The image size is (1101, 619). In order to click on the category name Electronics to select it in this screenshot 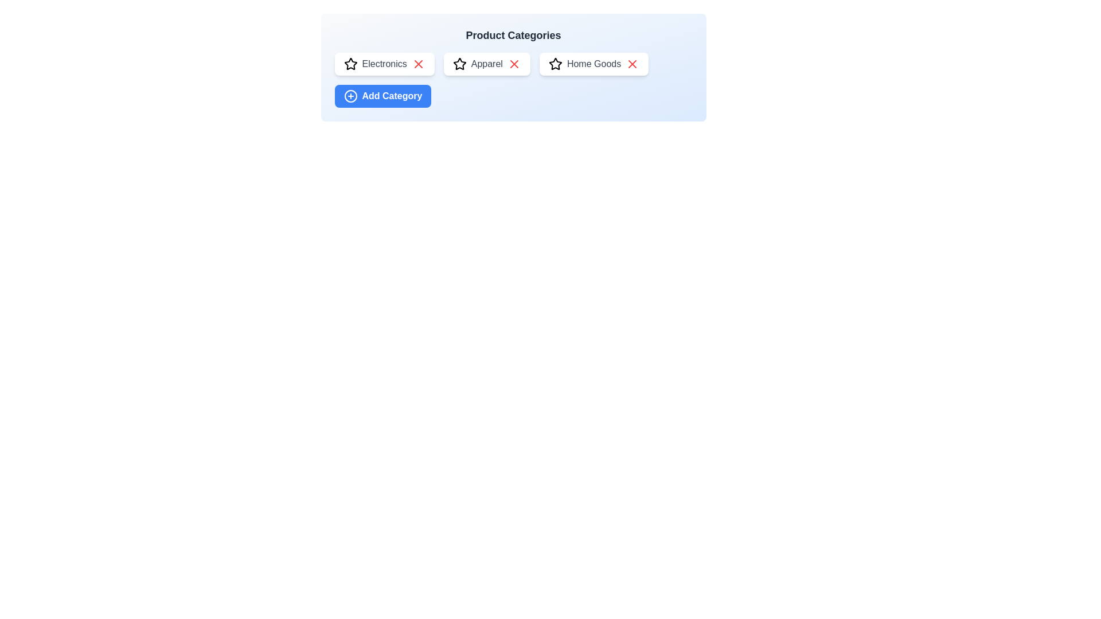, I will do `click(384, 64)`.